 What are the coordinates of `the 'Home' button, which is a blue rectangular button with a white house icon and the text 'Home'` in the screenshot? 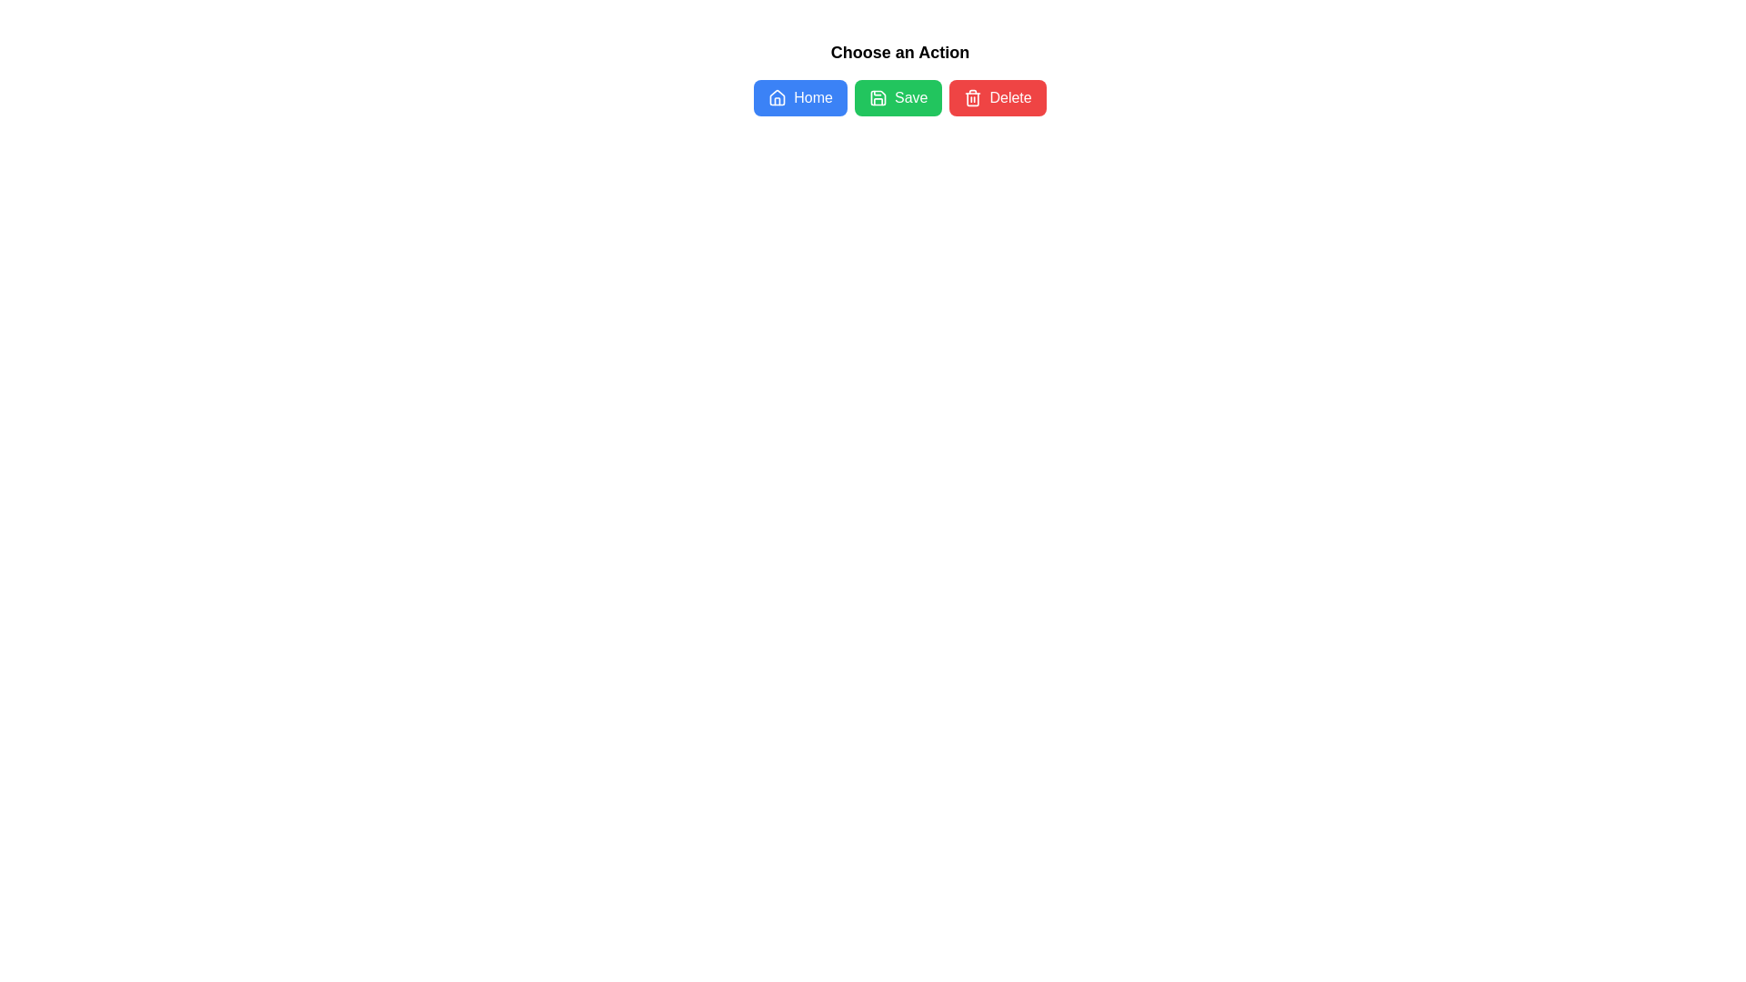 It's located at (800, 98).